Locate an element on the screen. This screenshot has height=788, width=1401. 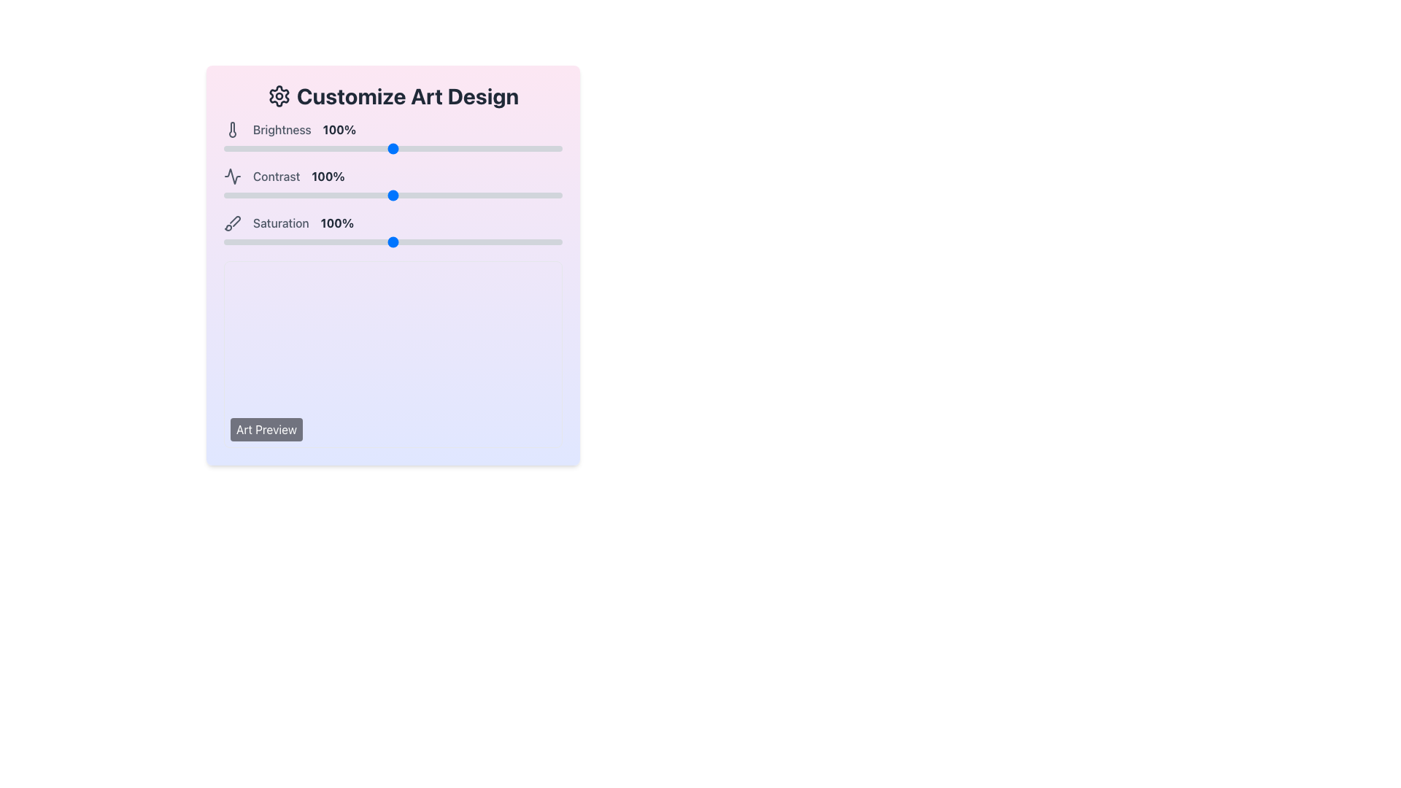
the brightness adjustment icon located to the far left of the 'Brightness' label and adjacent to the percentage indicator is located at coordinates (231, 128).